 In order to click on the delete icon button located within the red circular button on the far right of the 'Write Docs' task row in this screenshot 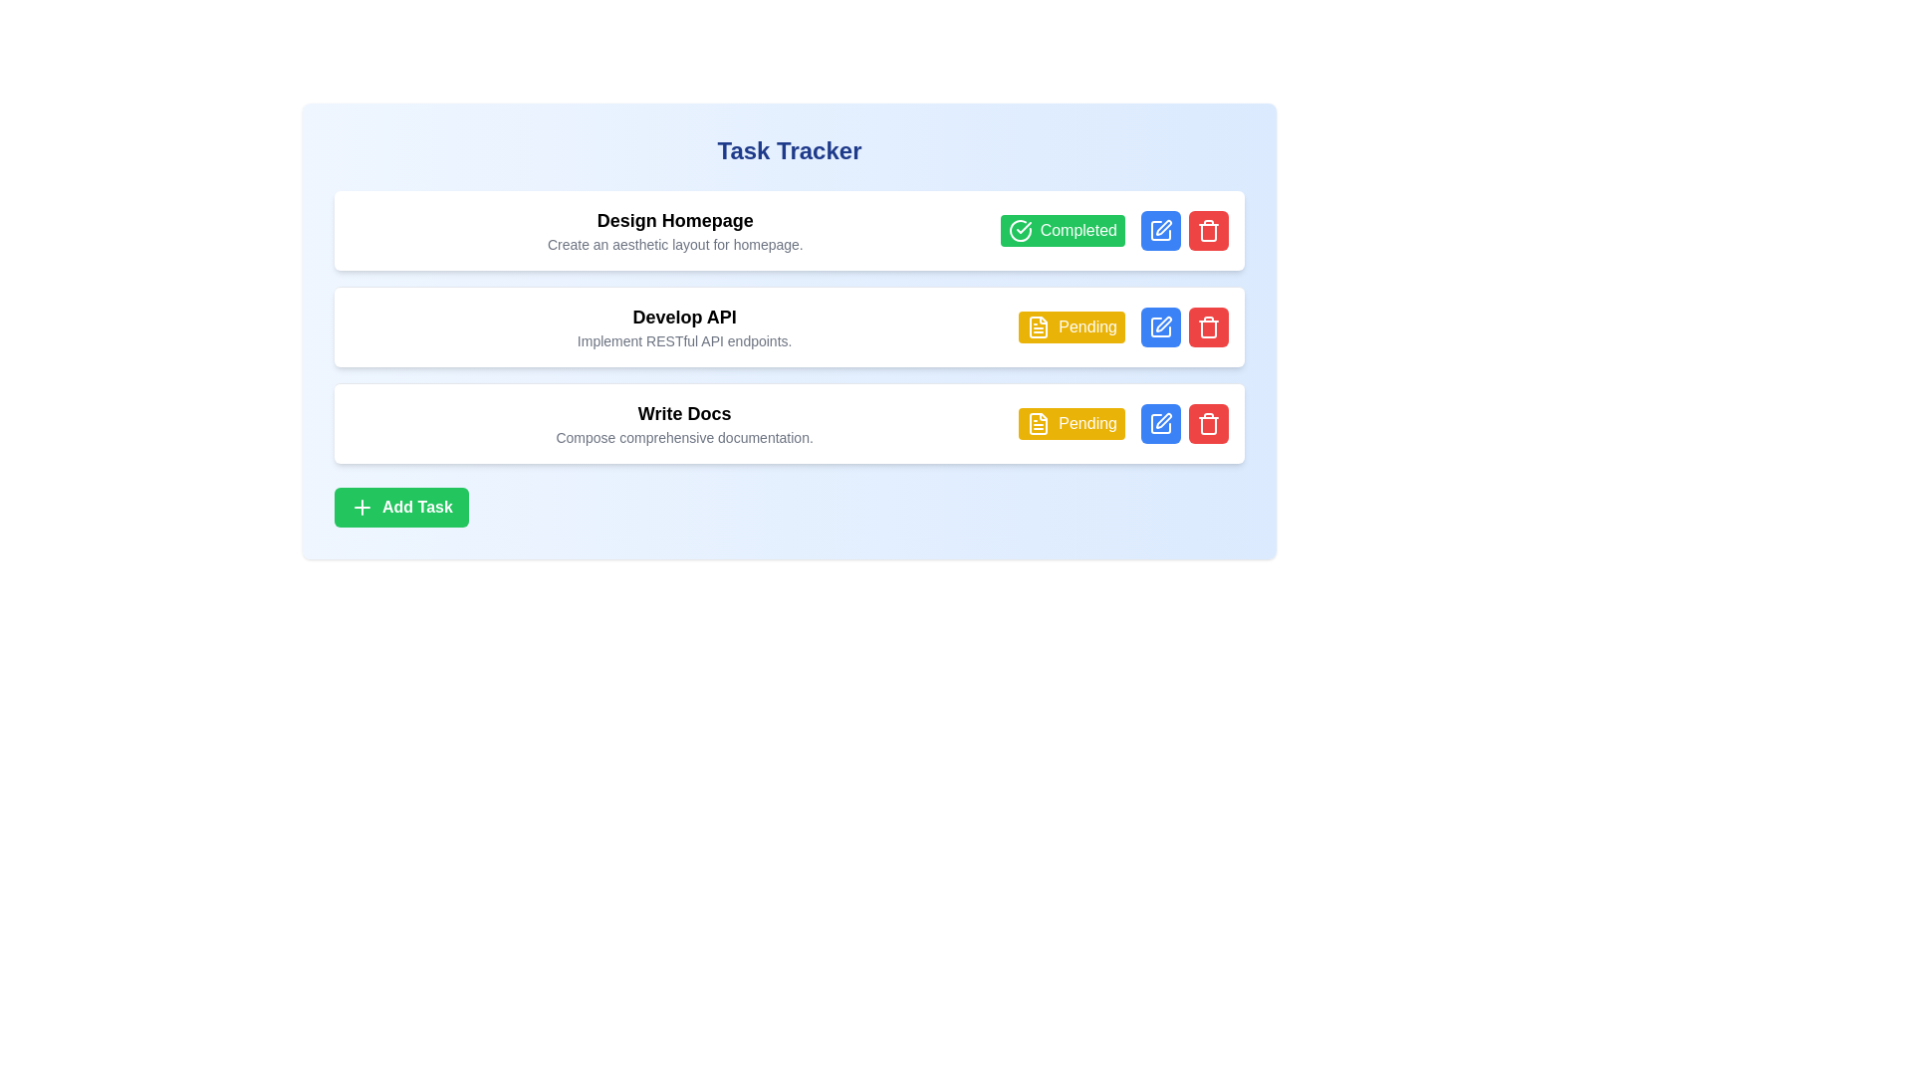, I will do `click(1208, 422)`.